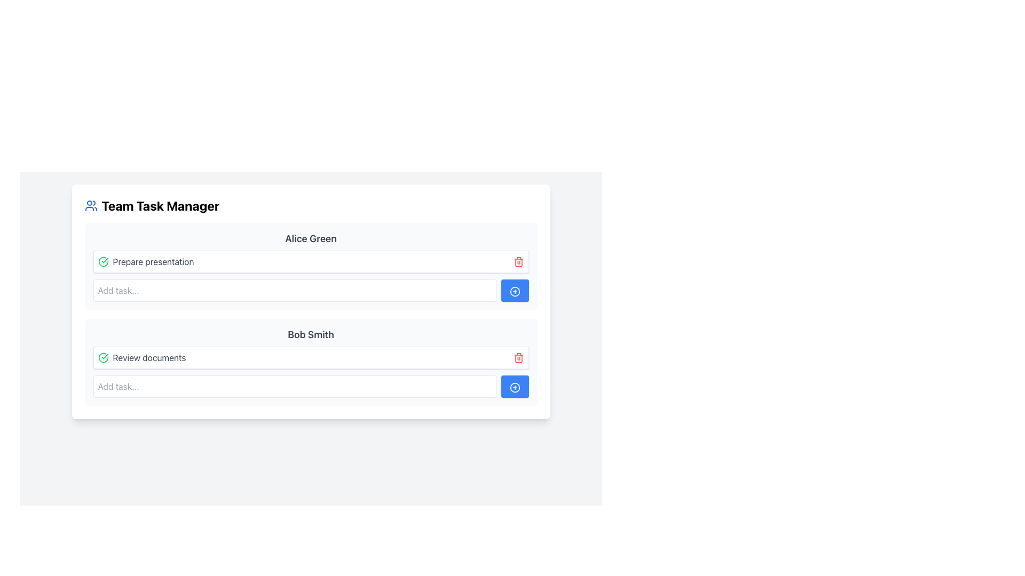 The image size is (1025, 576). I want to click on the icon that represents the completion of a task, located to the left of the text 'Review documents' in the task list for 'Bob Smith', so click(103, 358).